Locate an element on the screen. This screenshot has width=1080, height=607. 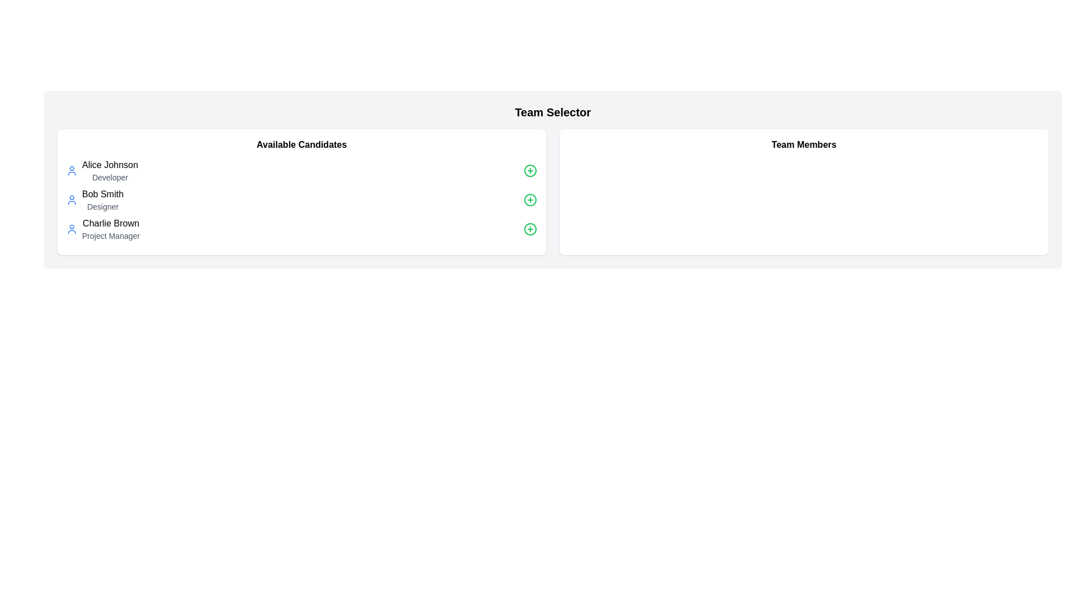
the candidate icon representing Alice Johnson, located to the left of the text 'Alice Johnson' and 'Developer' is located at coordinates (71, 171).